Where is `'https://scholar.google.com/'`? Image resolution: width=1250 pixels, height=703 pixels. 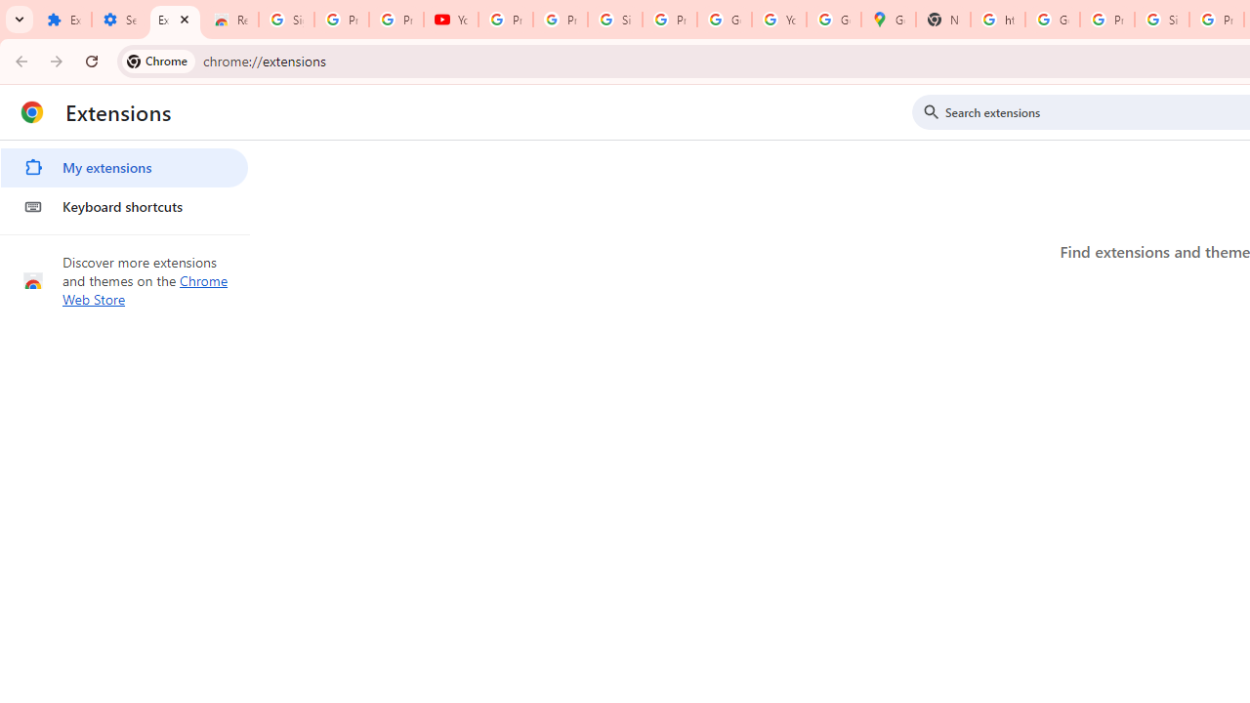 'https://scholar.google.com/' is located at coordinates (998, 20).